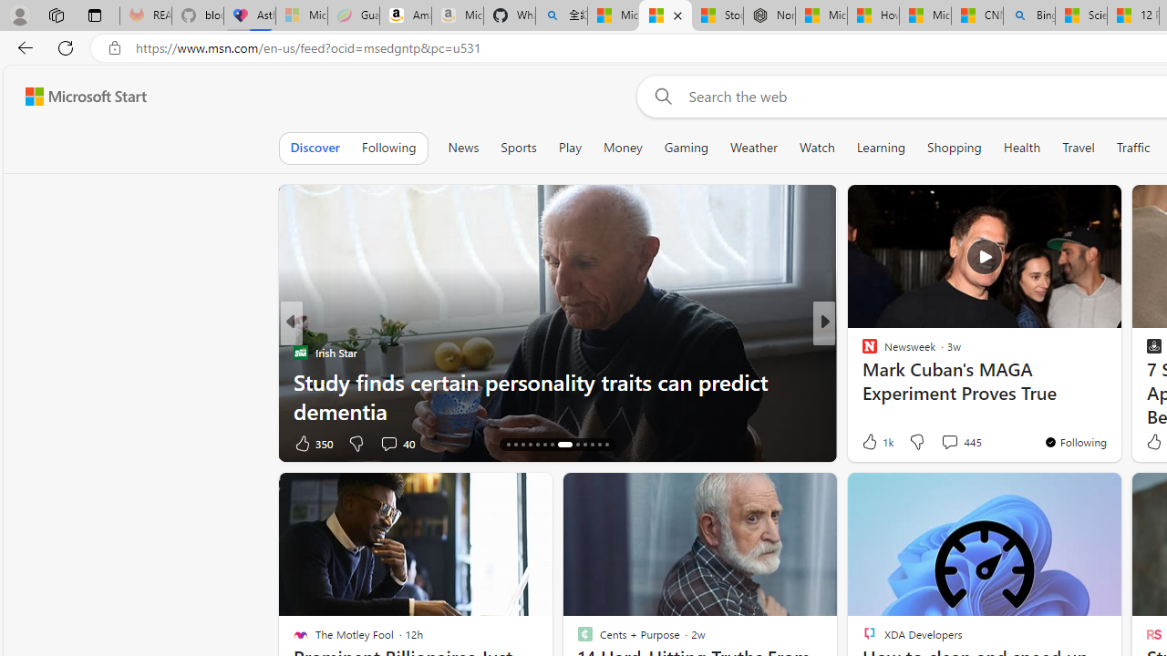  Describe the element at coordinates (871, 443) in the screenshot. I see `'86 Like'` at that location.